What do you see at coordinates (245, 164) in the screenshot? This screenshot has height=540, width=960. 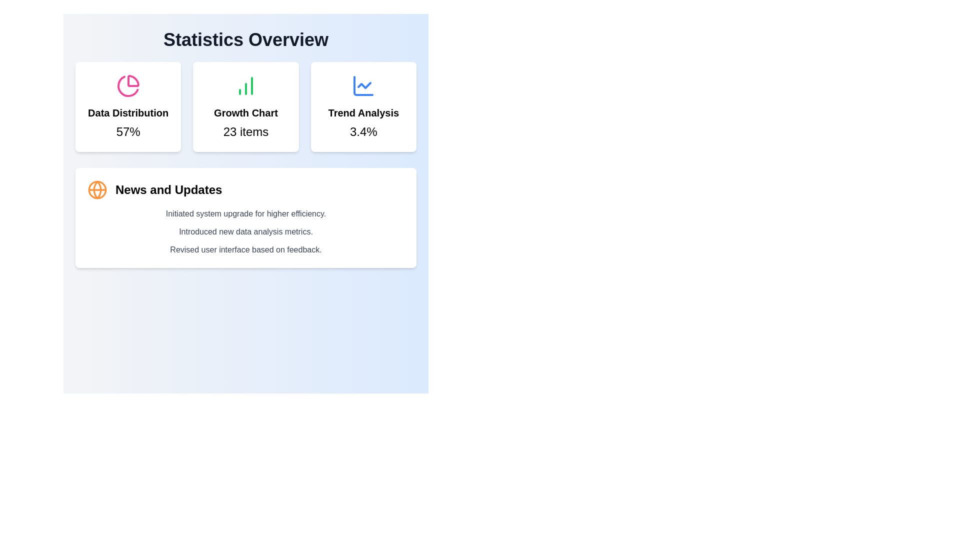 I see `the Informational panel located below the 'Data Distribution', 'Growth Chart', and 'Trend Analysis' cards in the main dashboard layout` at bounding box center [245, 164].